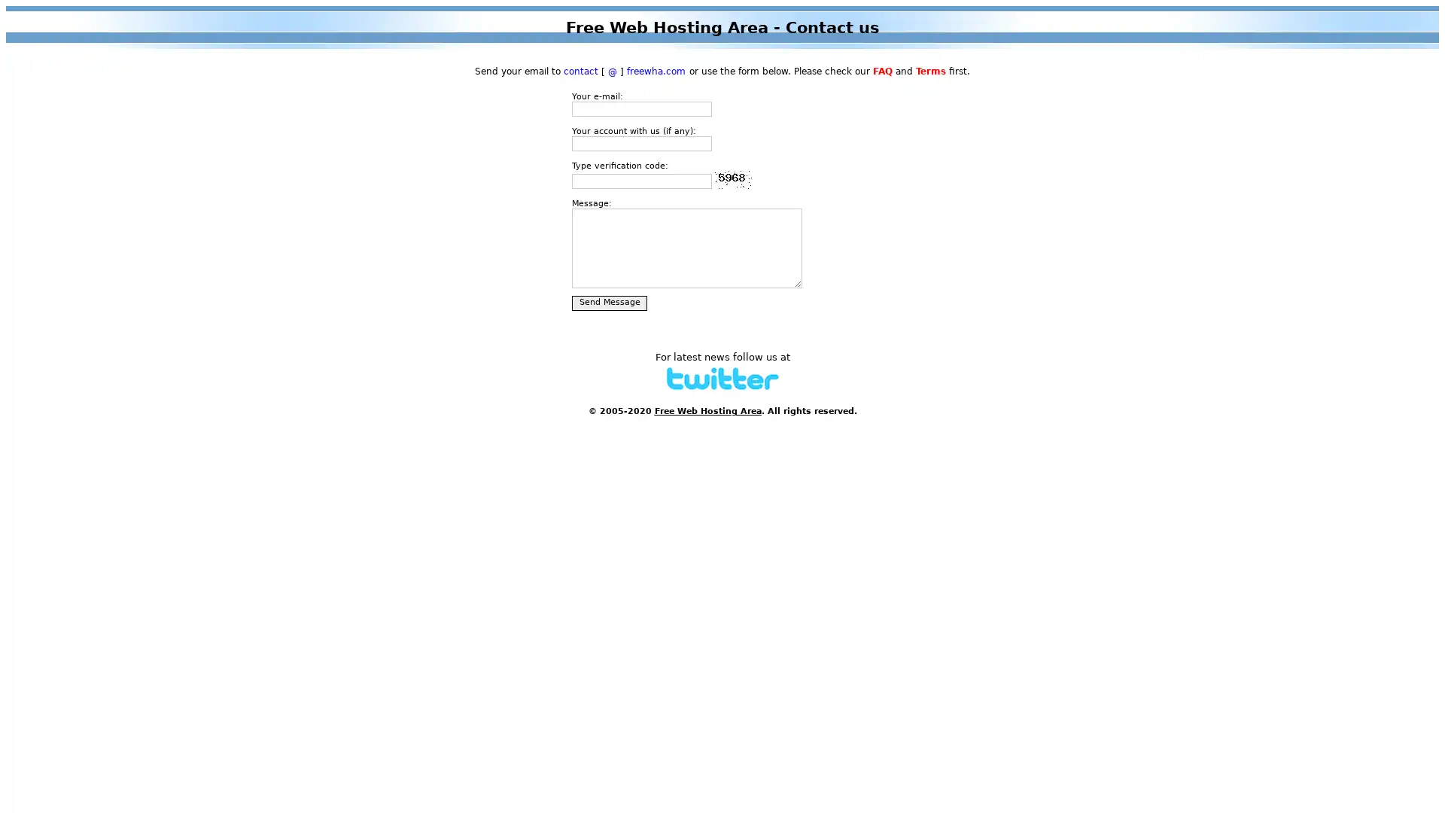  What do you see at coordinates (610, 303) in the screenshot?
I see `Send Message` at bounding box center [610, 303].